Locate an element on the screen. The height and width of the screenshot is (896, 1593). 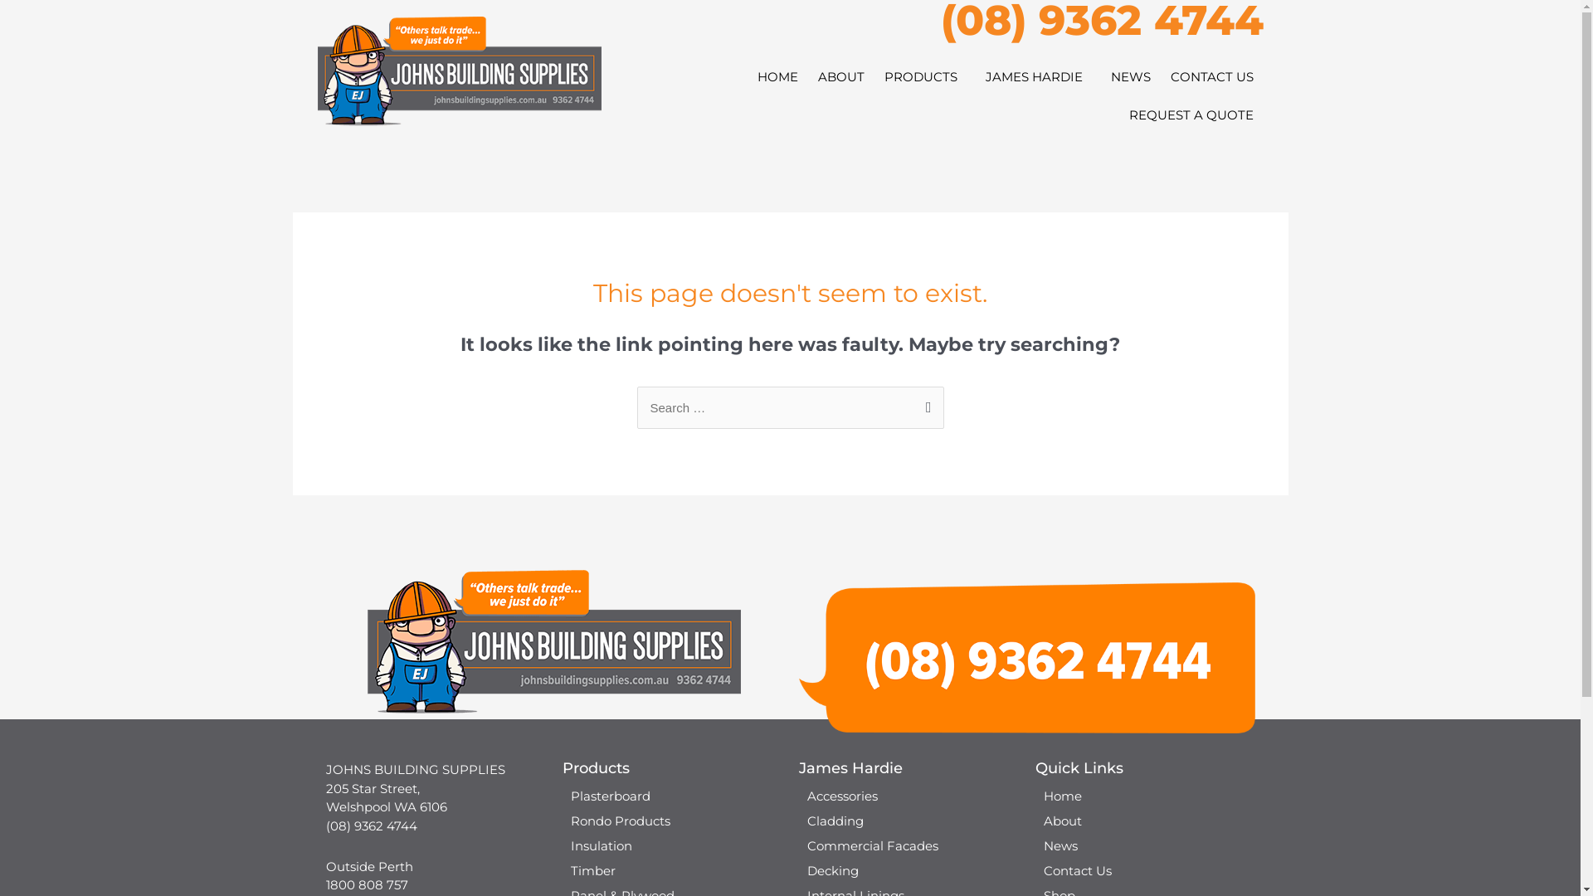
'Rondo Products' is located at coordinates (672, 821).